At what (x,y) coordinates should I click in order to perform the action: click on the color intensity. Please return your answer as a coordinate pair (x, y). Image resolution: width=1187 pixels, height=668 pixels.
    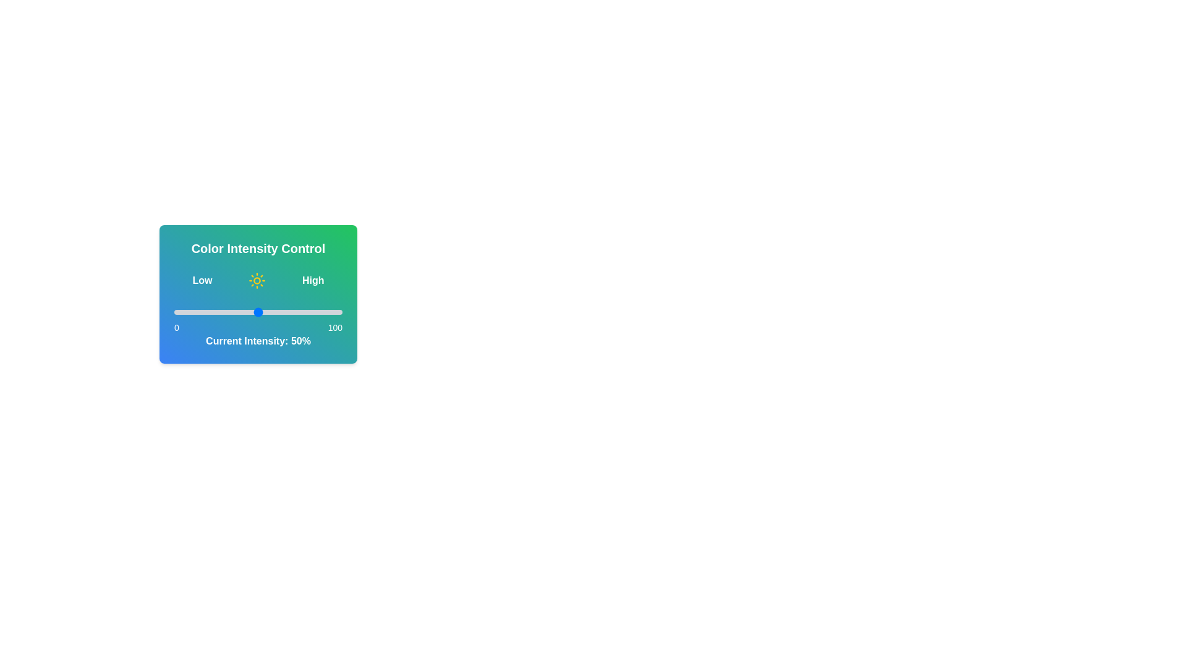
    Looking at the image, I should click on (332, 312).